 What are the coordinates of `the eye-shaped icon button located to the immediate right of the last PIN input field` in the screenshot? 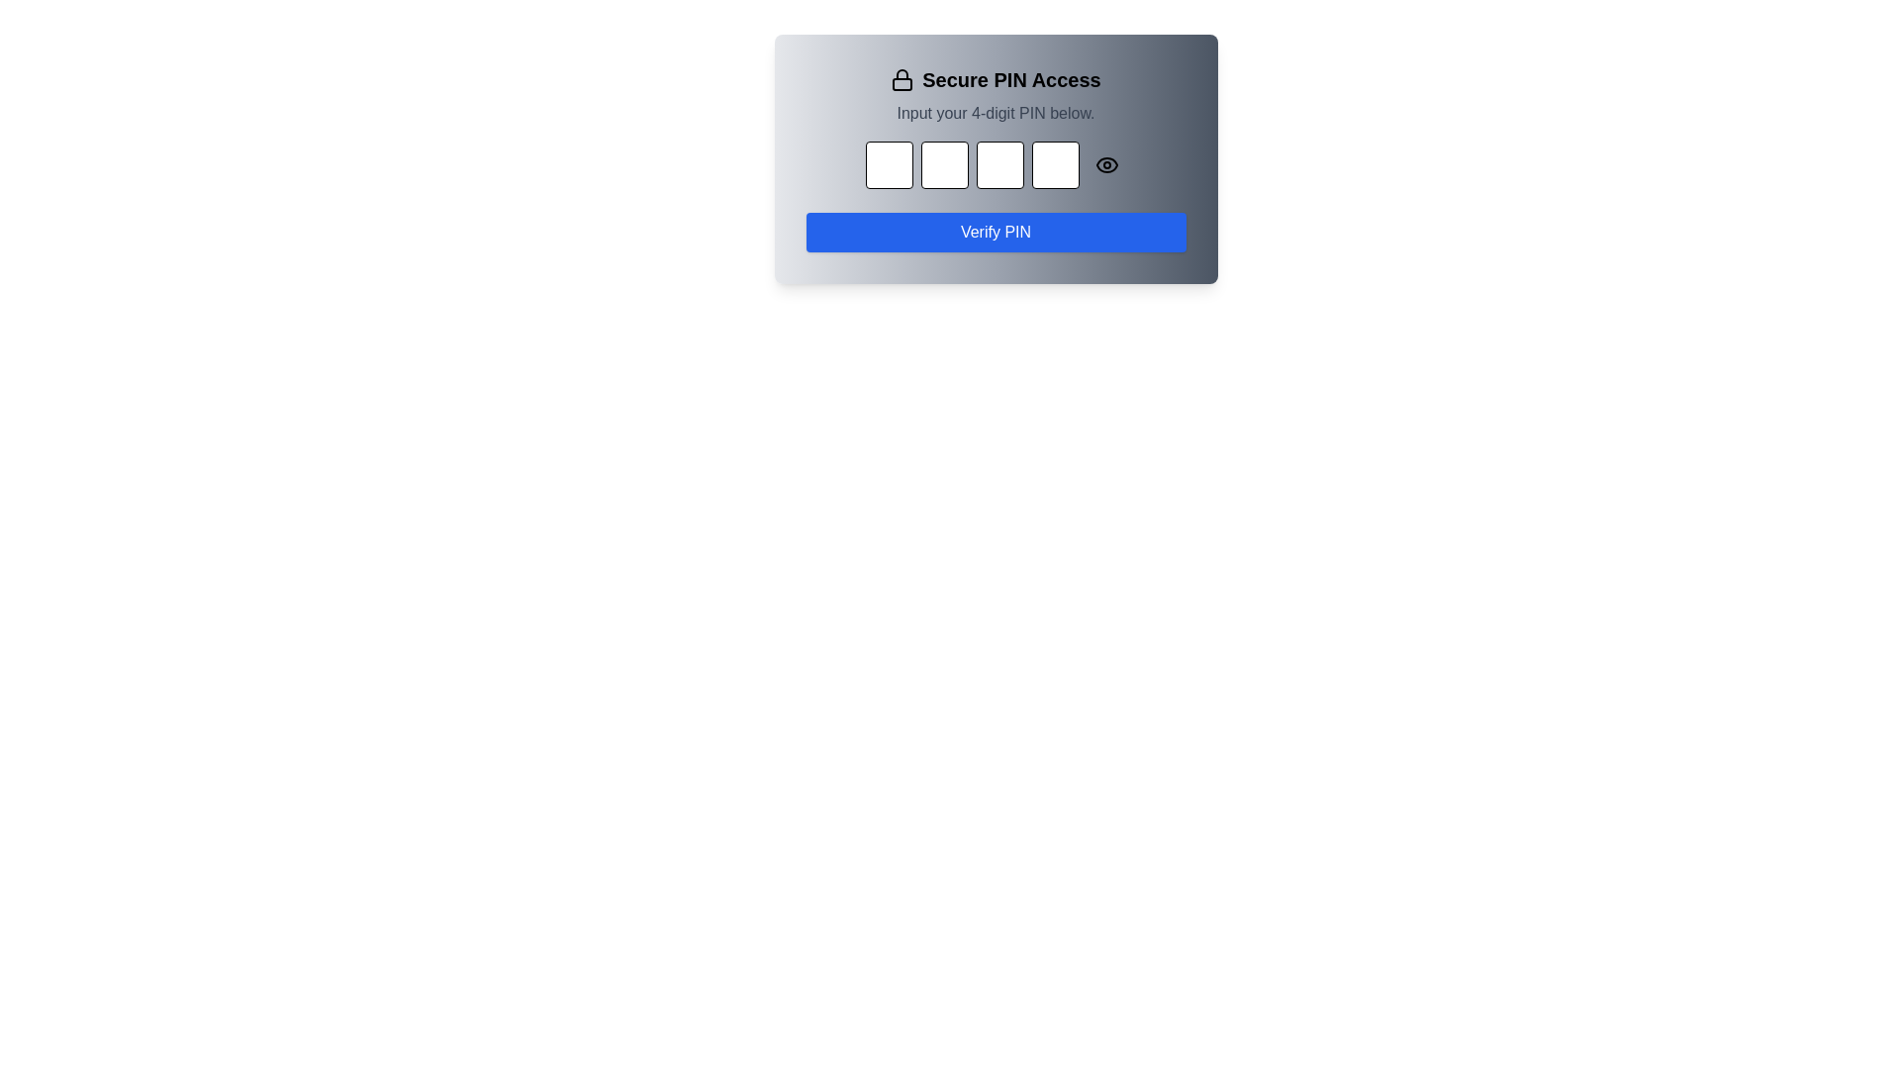 It's located at (1105, 163).